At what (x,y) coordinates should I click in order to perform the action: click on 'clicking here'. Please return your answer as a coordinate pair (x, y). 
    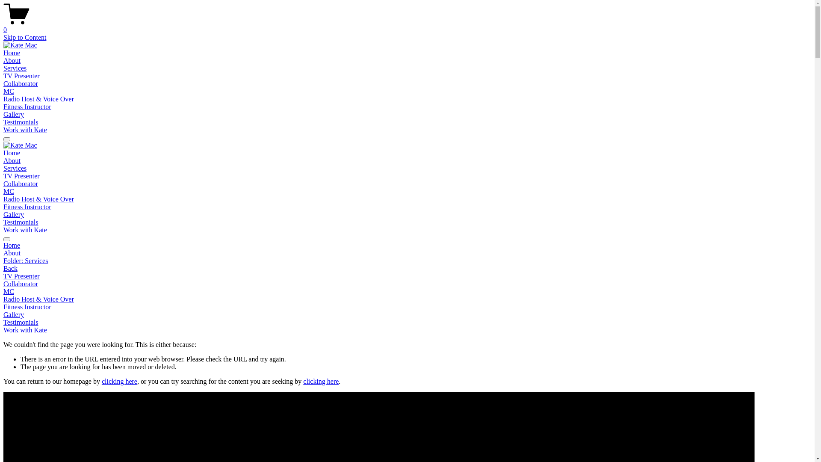
    Looking at the image, I should click on (119, 381).